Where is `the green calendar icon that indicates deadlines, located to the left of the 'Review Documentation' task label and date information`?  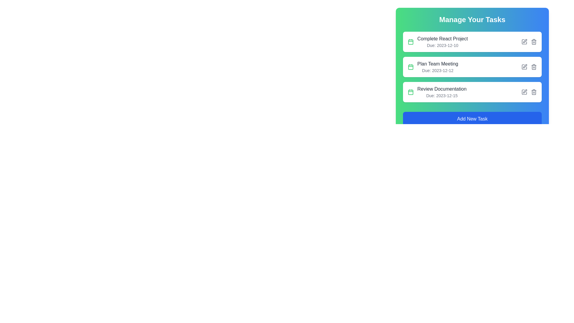 the green calendar icon that indicates deadlines, located to the left of the 'Review Documentation' task label and date information is located at coordinates (410, 92).